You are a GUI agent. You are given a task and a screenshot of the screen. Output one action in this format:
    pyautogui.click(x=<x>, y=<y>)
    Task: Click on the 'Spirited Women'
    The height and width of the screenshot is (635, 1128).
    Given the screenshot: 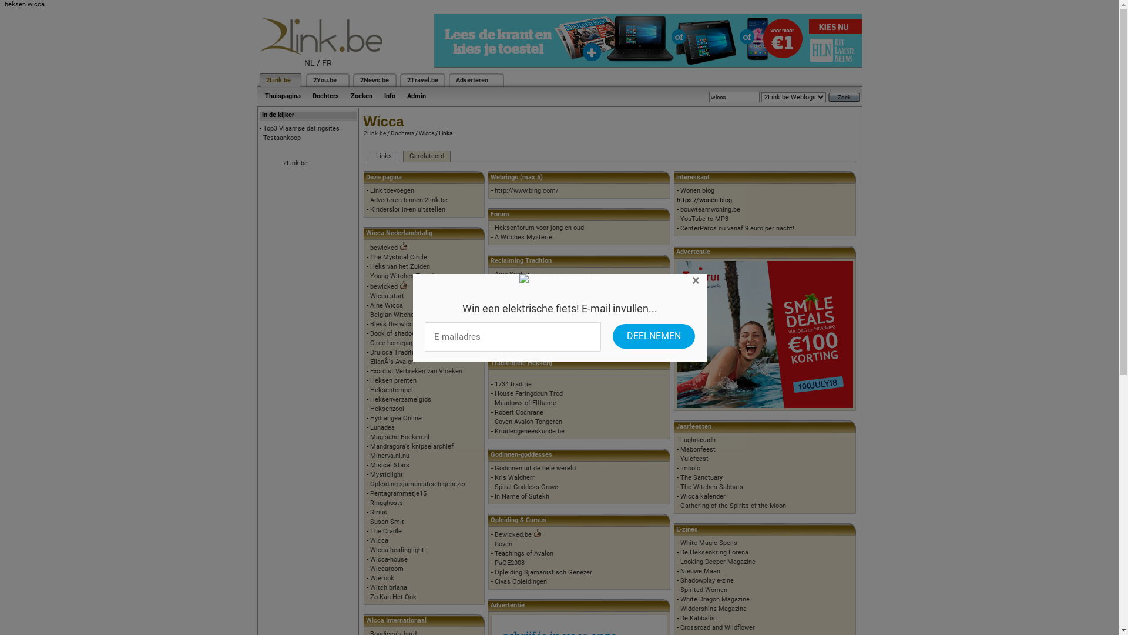 What is the action you would take?
    pyautogui.click(x=704, y=590)
    